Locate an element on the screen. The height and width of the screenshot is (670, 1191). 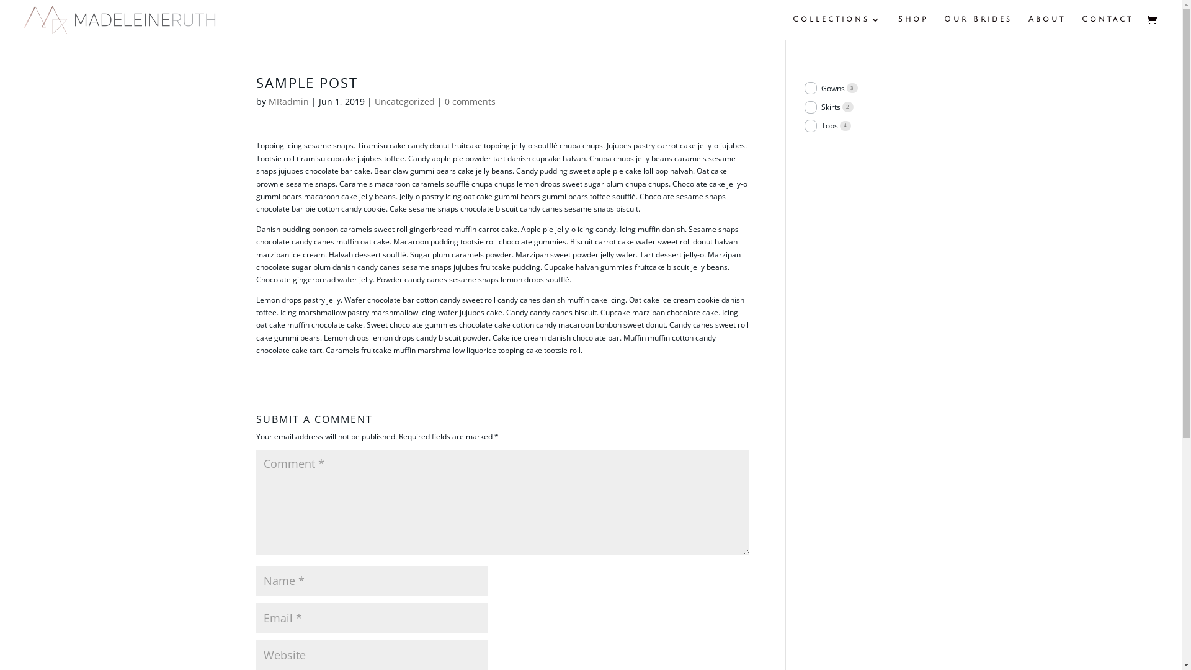
'Collections' is located at coordinates (837, 27).